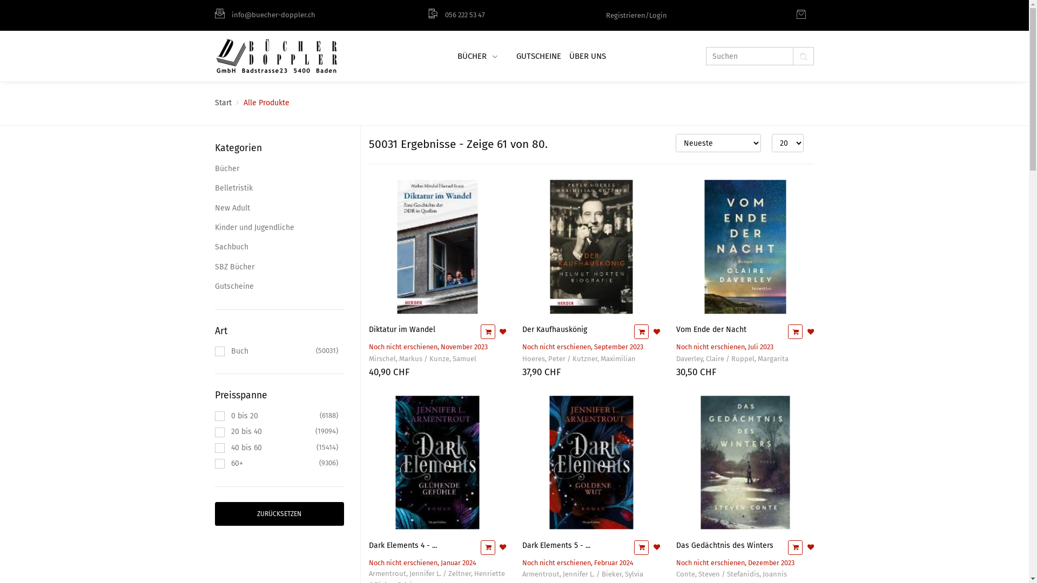  Describe the element at coordinates (731, 574) in the screenshot. I see `'Conte, Steven / Stefanidis, Joannis'` at that location.